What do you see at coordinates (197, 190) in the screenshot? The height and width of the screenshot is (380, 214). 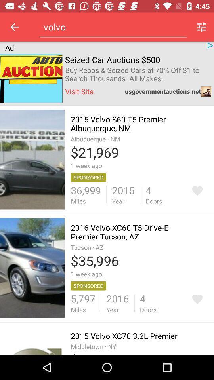 I see `go back` at bounding box center [197, 190].